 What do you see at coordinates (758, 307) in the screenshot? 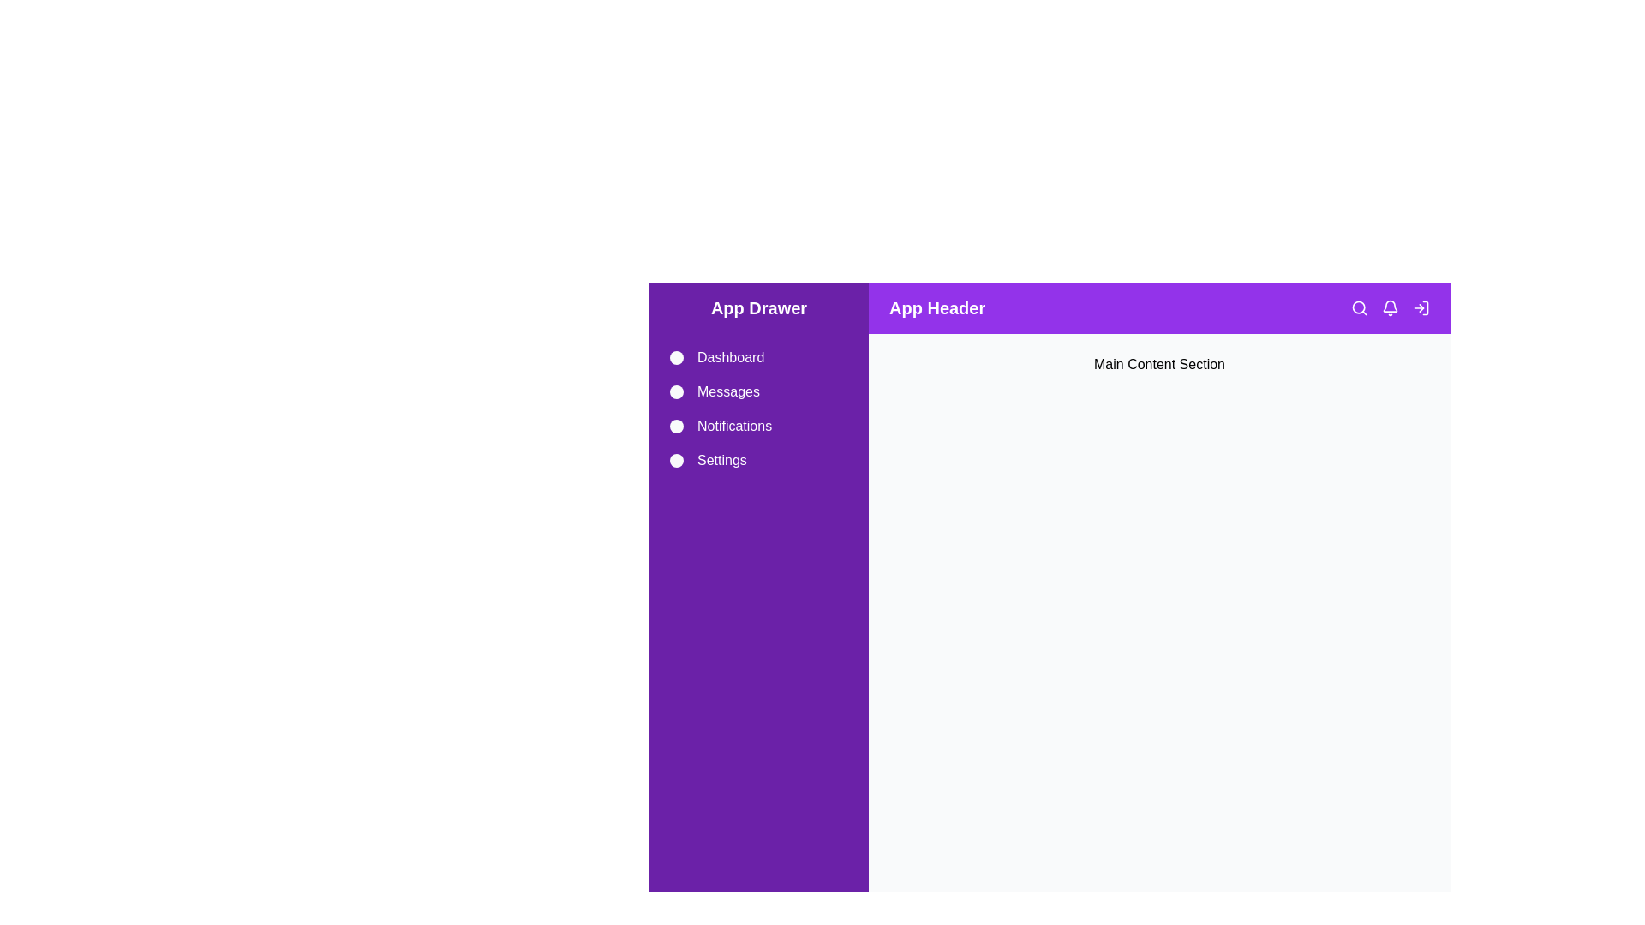
I see `the drawer header to toggle its state` at bounding box center [758, 307].